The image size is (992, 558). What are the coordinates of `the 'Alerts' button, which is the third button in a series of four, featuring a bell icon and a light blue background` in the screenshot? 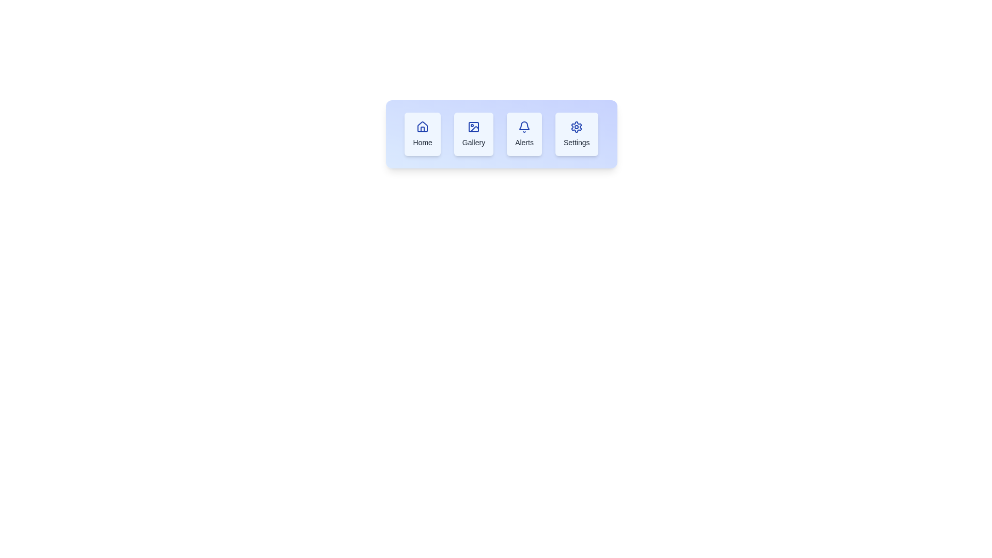 It's located at (524, 133).